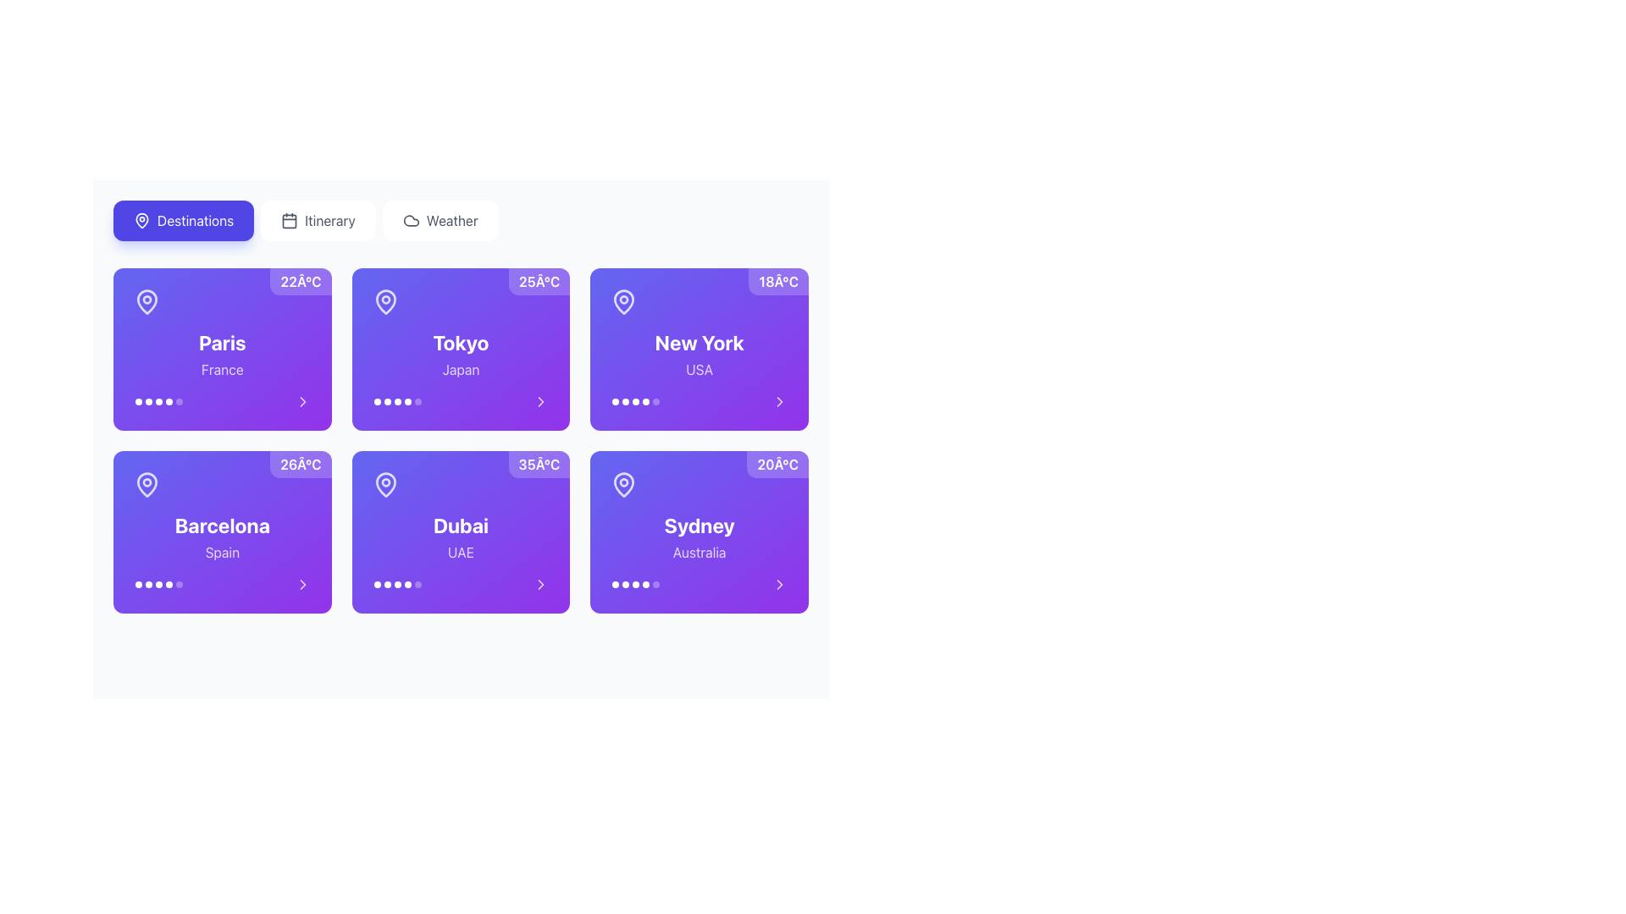 This screenshot has height=914, width=1626. I want to click on content displayed in the text element showing 'USA', which is styled in white color on a gradient purple background, located beneath 'New York', so click(700, 368).